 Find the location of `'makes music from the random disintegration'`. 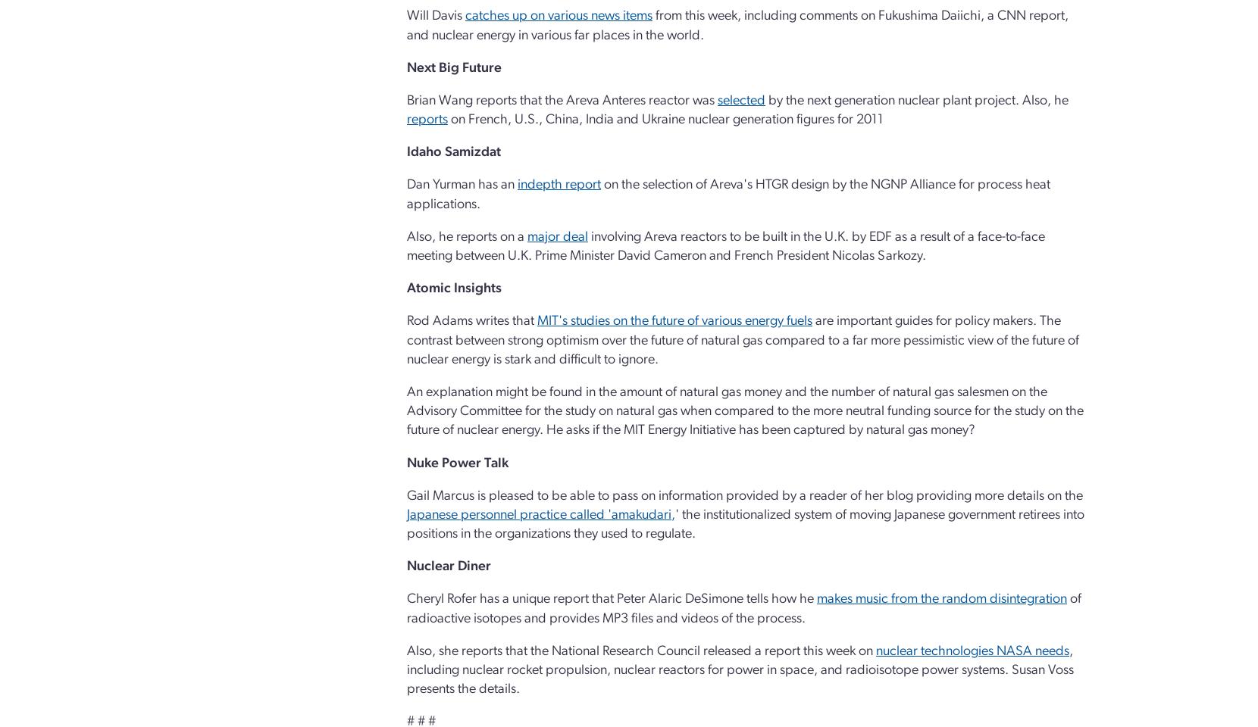

'makes music from the random disintegration' is located at coordinates (942, 599).